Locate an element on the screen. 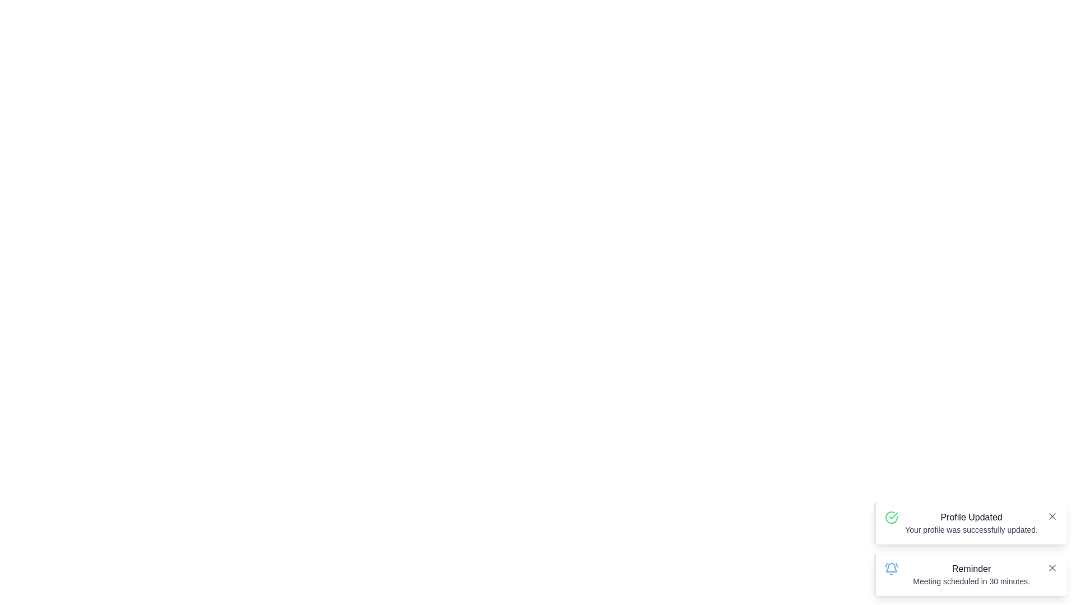 Image resolution: width=1076 pixels, height=605 pixels. the diagonal line forming part of the X shape in the close button located in the top-right corner of the notification card that displays 'Profile Updated' is located at coordinates (1051, 516).